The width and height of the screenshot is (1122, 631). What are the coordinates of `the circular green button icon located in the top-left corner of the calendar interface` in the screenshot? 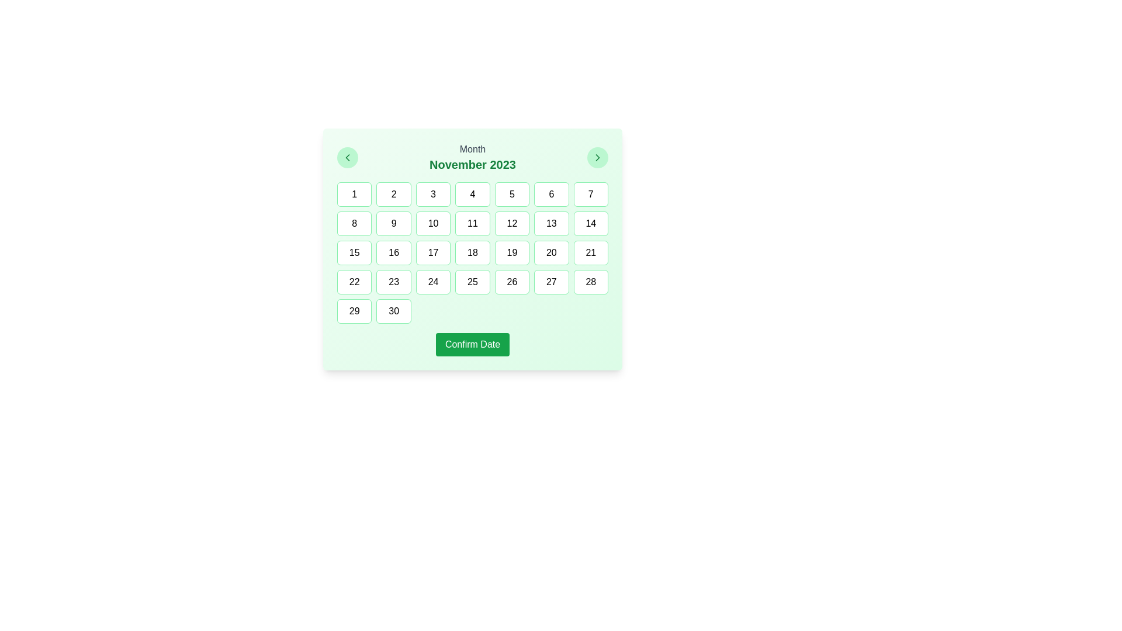 It's located at (347, 158).